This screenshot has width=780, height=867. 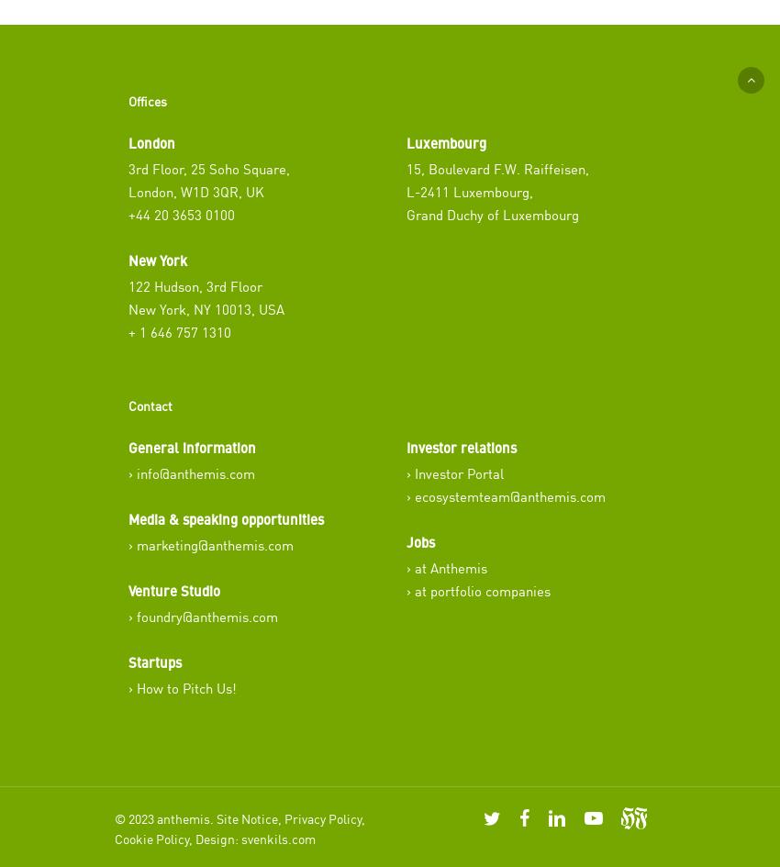 I want to click on 'Cookie Policy', so click(x=151, y=838).